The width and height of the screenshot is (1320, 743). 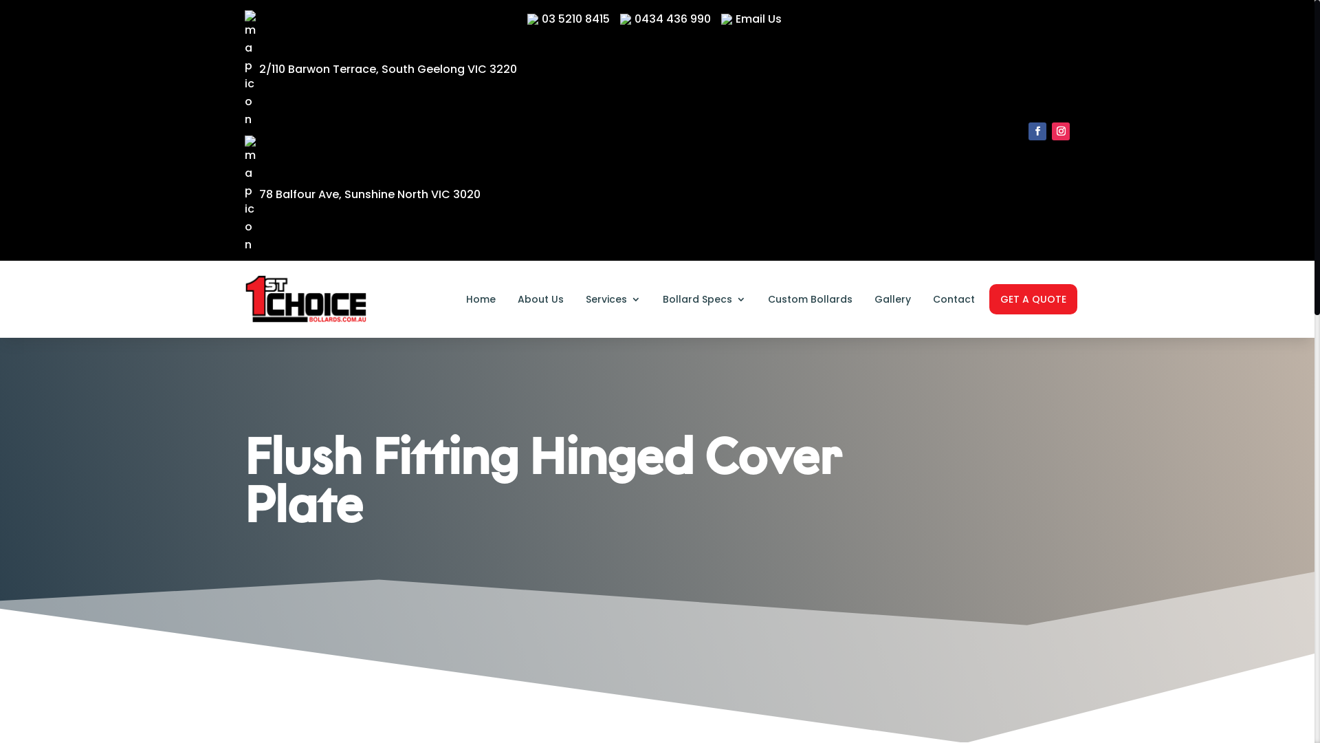 What do you see at coordinates (1051, 131) in the screenshot?
I see `'Follow on Instagram'` at bounding box center [1051, 131].